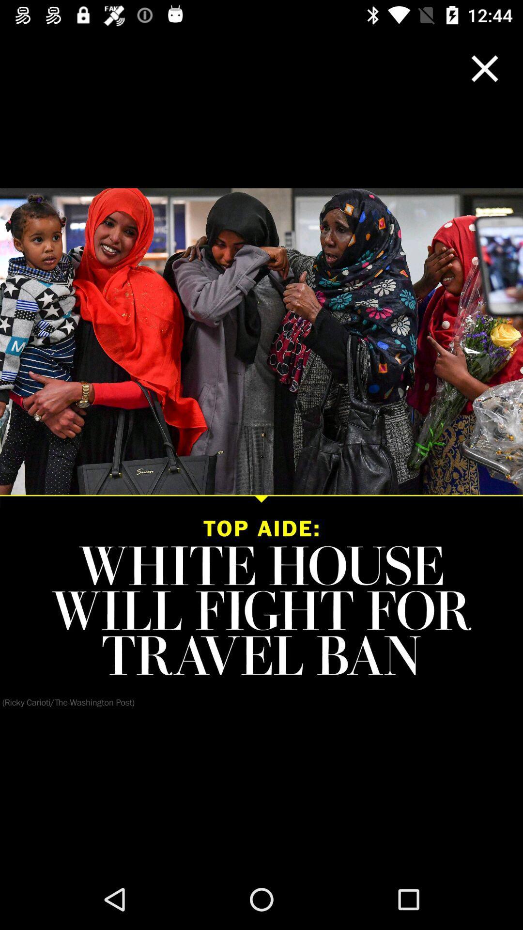 The width and height of the screenshot is (523, 930). What do you see at coordinates (485, 68) in the screenshot?
I see `the close icon` at bounding box center [485, 68].